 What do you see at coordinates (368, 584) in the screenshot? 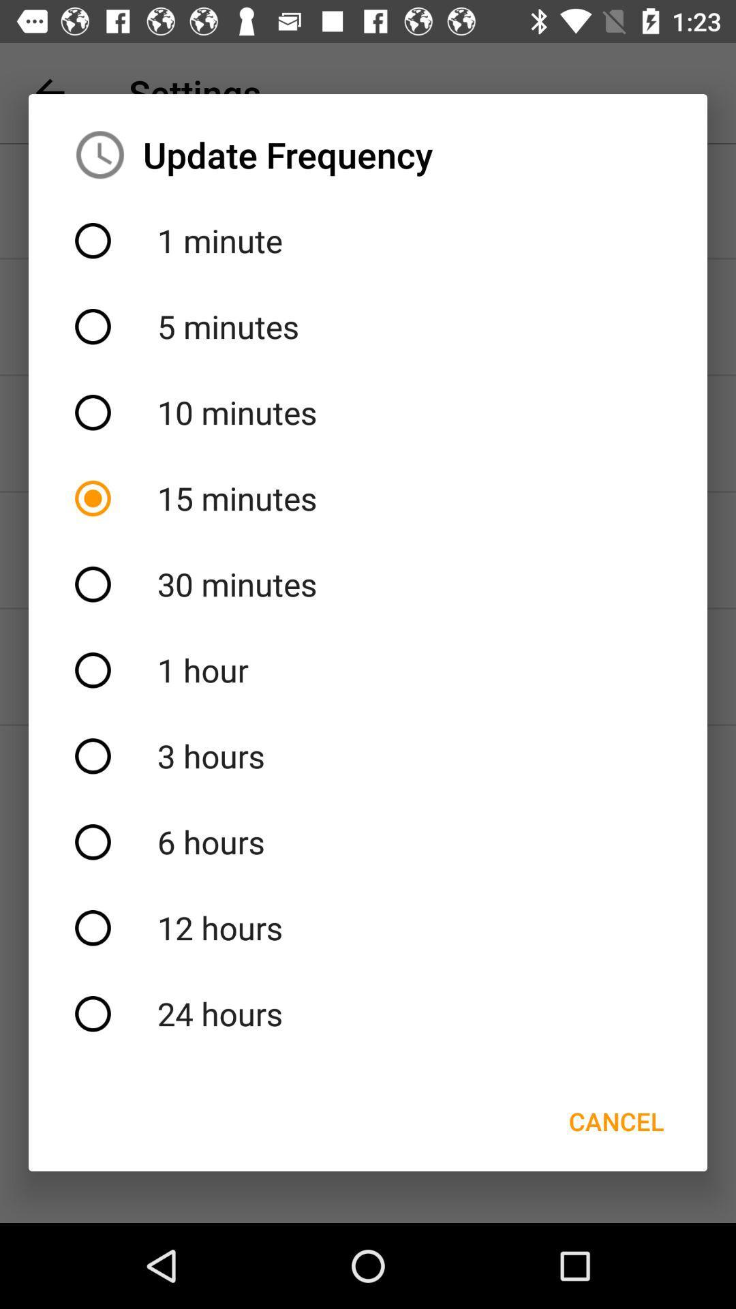
I see `the icon below 15 minutes item` at bounding box center [368, 584].